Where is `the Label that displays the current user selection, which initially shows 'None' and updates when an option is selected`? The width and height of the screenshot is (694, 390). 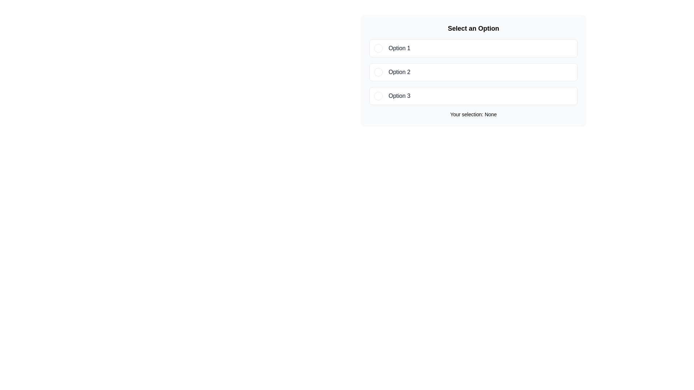
the Label that displays the current user selection, which initially shows 'None' and updates when an option is selected is located at coordinates (474, 114).